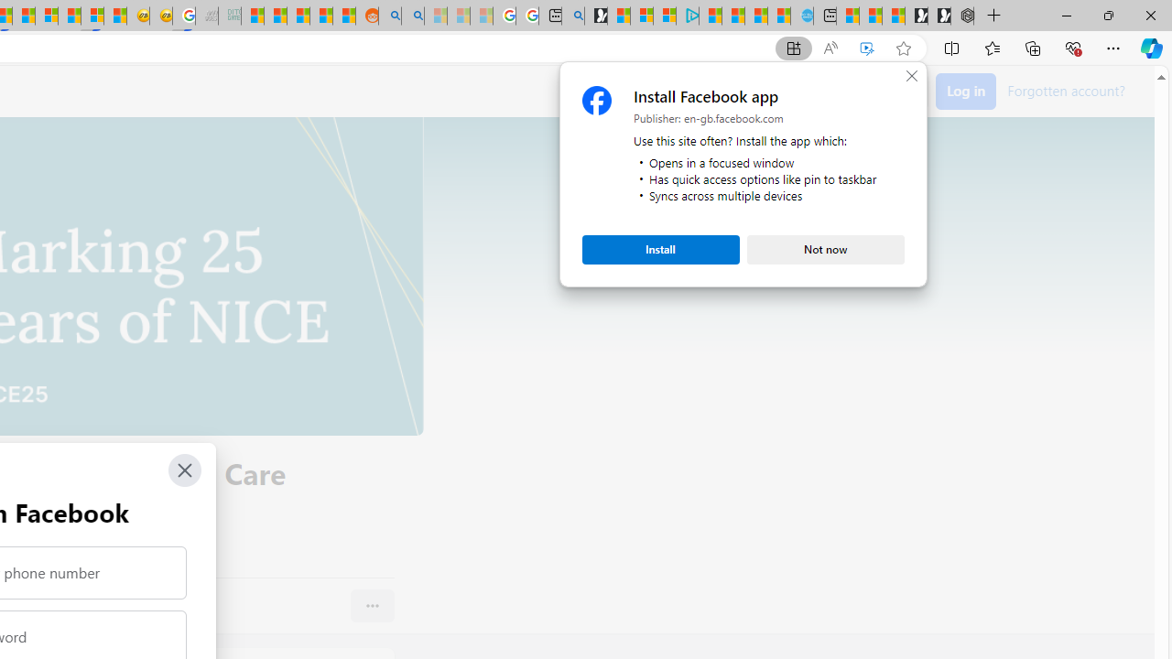 This screenshot has width=1172, height=659. I want to click on 'DITOGAMES AG Imprint - Sleeping', so click(228, 16).